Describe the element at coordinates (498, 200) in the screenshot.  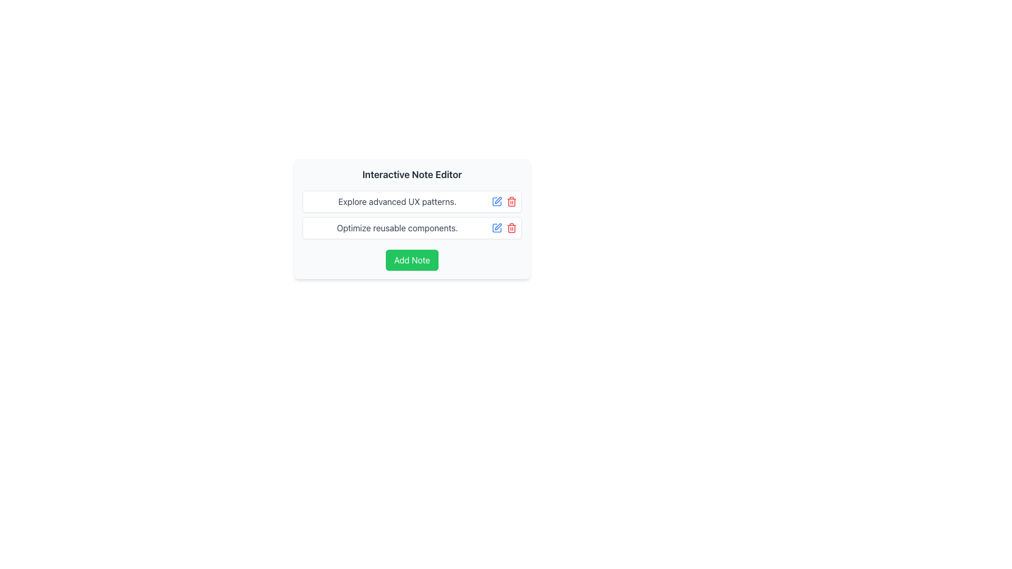
I see `the Edit icon/button located to the right of the text 'Explore advanced UX patterns.' to initiate editing` at that location.